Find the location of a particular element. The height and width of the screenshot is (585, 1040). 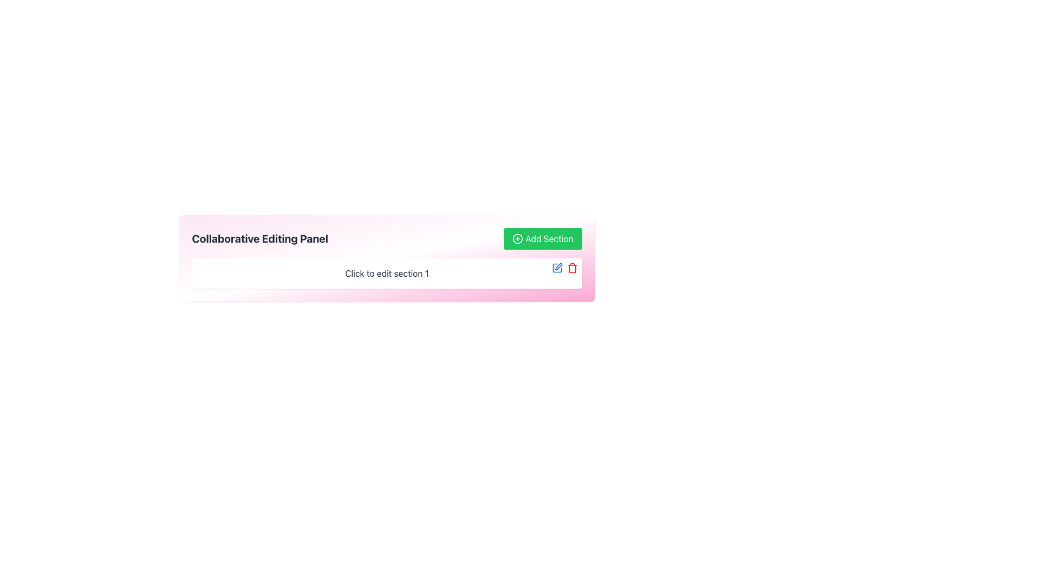

the icon that represents the action of adding a new section, located within the green 'Add Section' button on the right side of the 'Collaborative Editing Panel' is located at coordinates (517, 238).